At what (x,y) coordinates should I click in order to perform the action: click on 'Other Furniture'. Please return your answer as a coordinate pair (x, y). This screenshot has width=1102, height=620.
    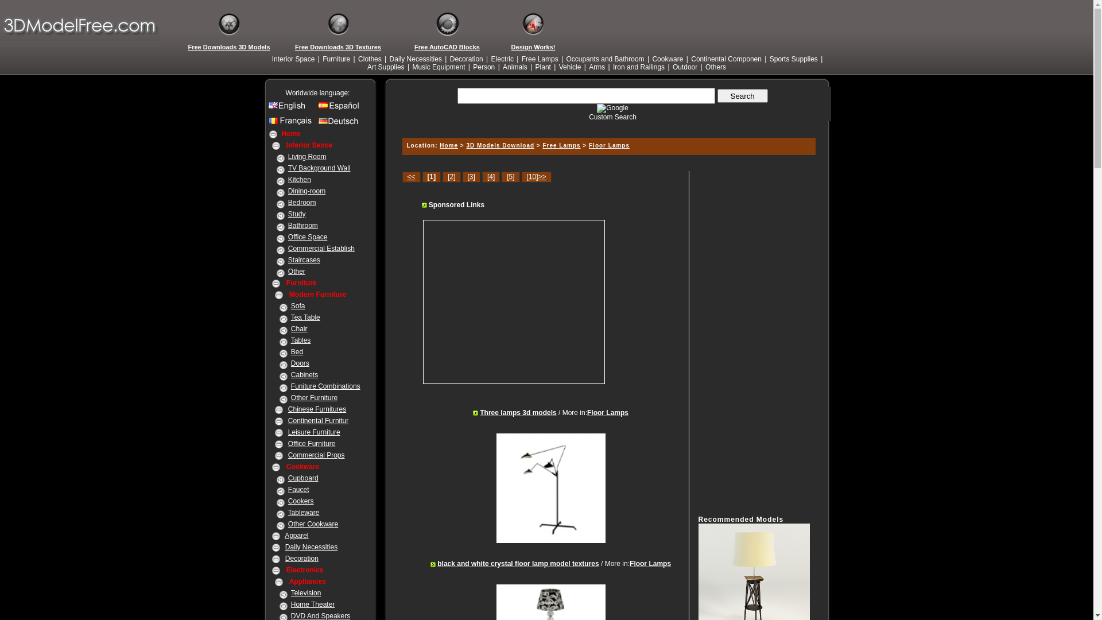
    Looking at the image, I should click on (314, 397).